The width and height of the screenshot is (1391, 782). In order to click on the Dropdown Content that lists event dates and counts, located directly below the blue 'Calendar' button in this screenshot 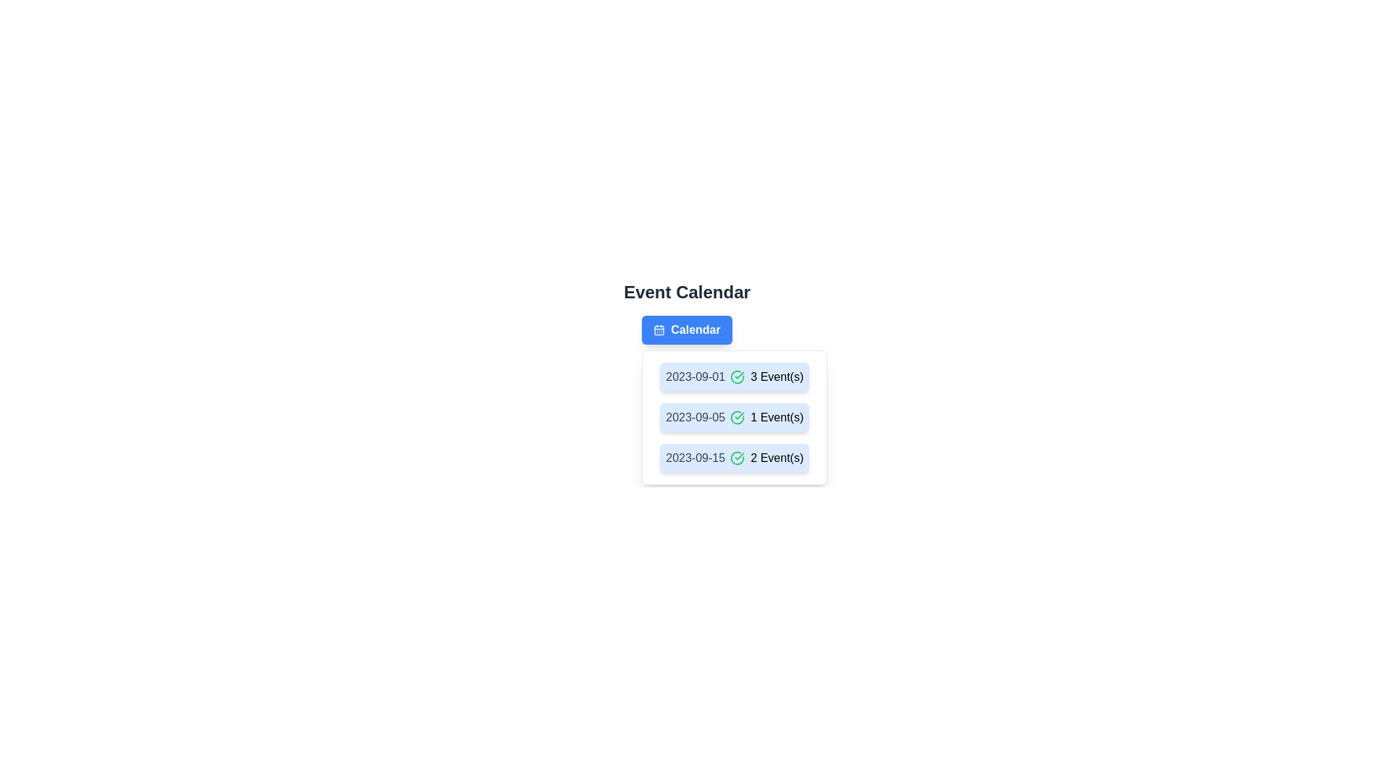, I will do `click(735, 418)`.